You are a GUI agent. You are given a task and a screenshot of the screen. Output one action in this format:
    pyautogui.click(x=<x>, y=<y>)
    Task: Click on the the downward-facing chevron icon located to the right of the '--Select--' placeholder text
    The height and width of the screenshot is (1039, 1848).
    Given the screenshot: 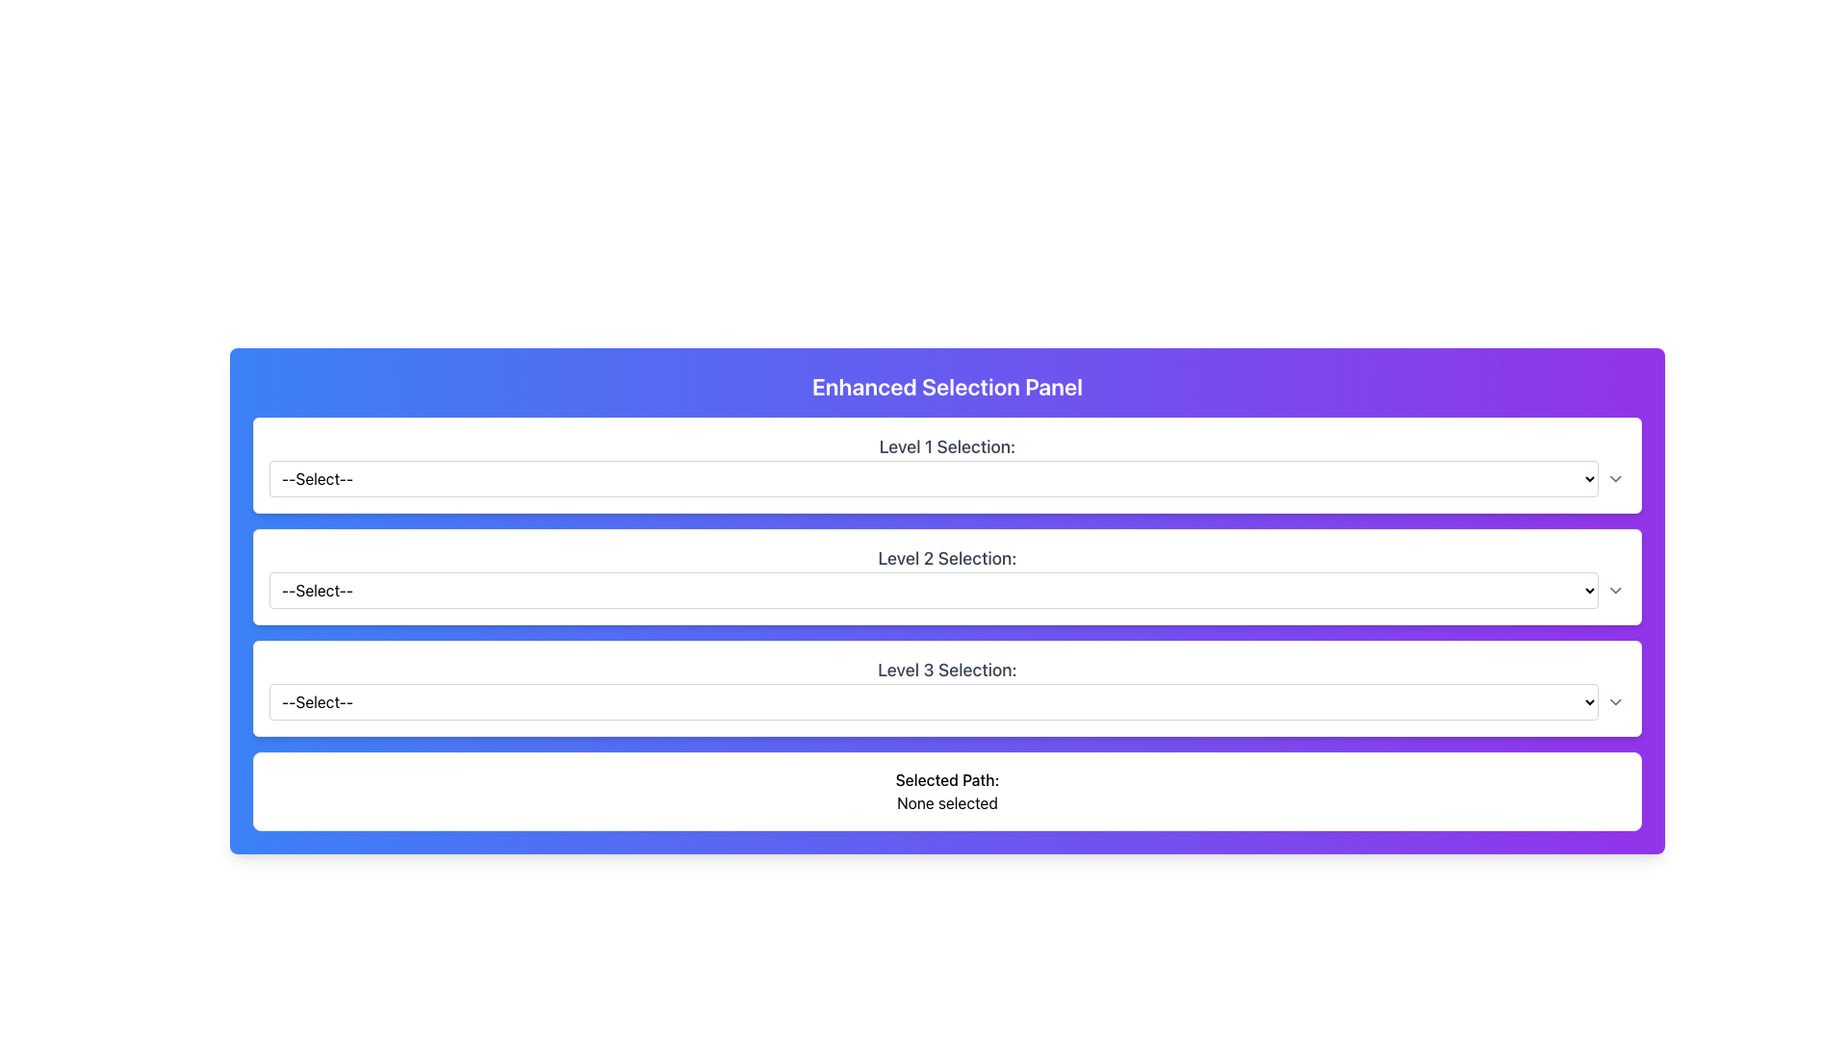 What is the action you would take?
    pyautogui.click(x=1616, y=701)
    